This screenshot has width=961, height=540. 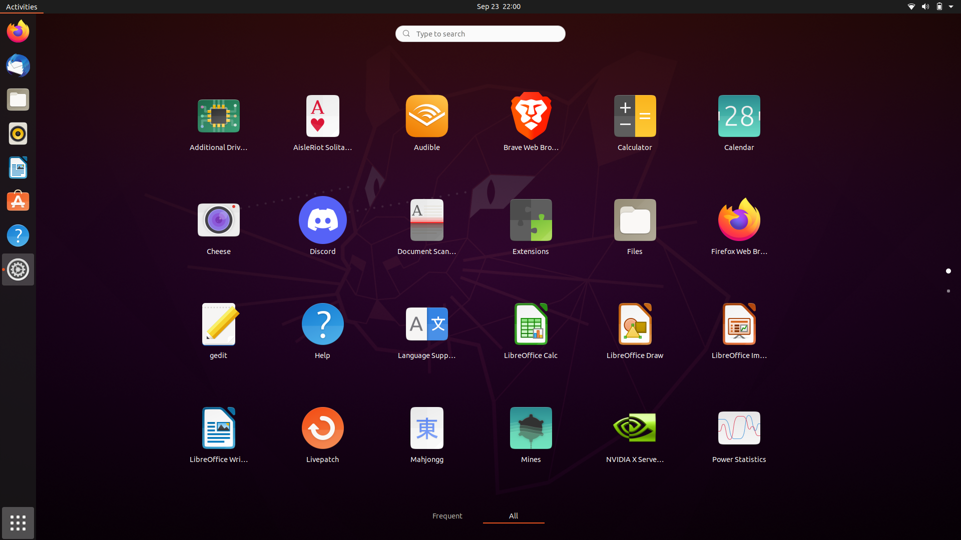 What do you see at coordinates (219, 433) in the screenshot?
I see `the Microsoft Word application` at bounding box center [219, 433].